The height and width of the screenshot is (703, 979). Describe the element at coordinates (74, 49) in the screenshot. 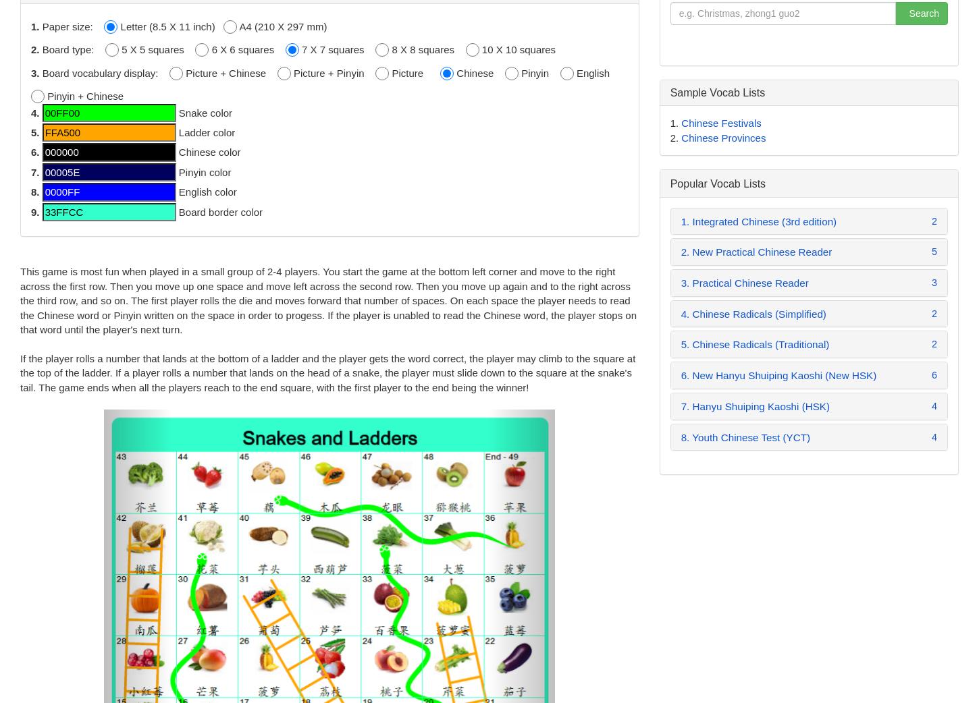

I see `'Board type:'` at that location.